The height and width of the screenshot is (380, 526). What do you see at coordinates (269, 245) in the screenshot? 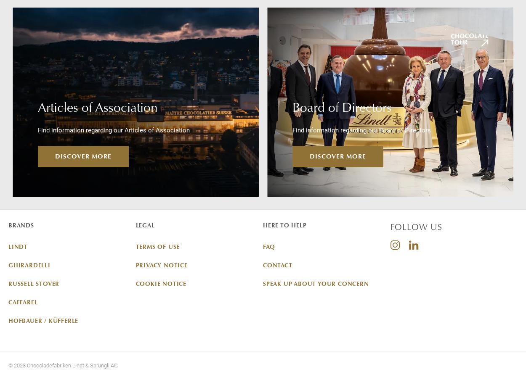
I see `'FAQ'` at bounding box center [269, 245].